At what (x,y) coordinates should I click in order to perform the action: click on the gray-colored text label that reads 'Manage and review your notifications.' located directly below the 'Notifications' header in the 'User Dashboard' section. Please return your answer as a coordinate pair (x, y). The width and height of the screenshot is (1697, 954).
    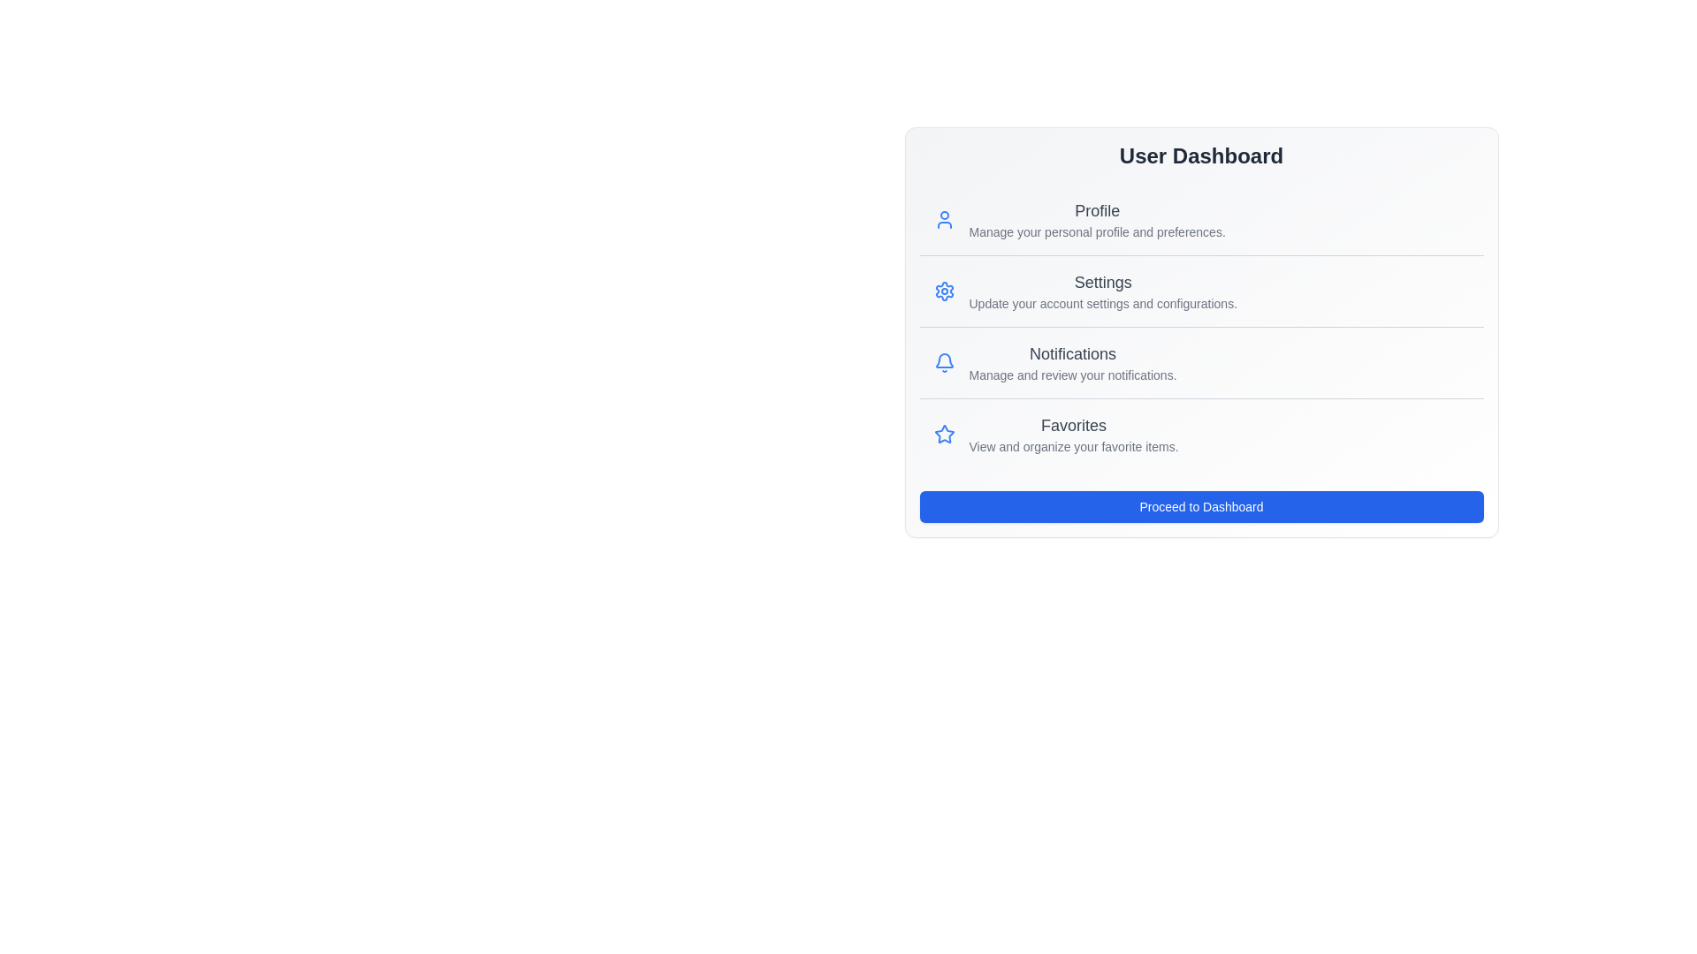
    Looking at the image, I should click on (1072, 374).